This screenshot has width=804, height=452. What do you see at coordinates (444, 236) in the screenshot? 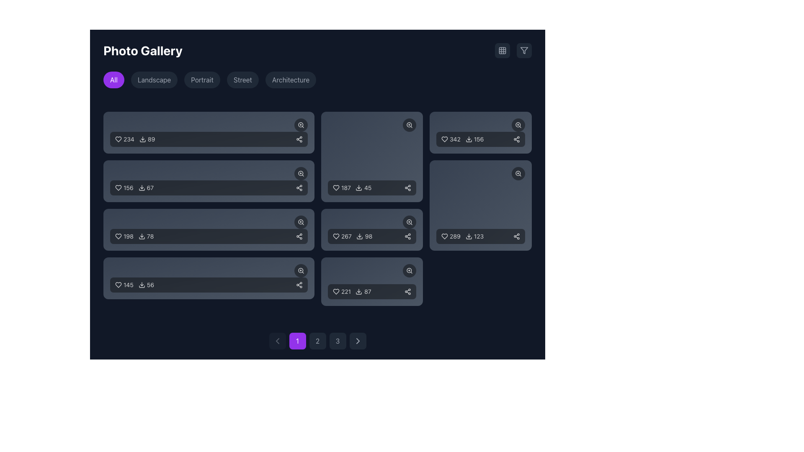
I see `the heart icon located within the like button at the bottom-right of the interface` at bounding box center [444, 236].